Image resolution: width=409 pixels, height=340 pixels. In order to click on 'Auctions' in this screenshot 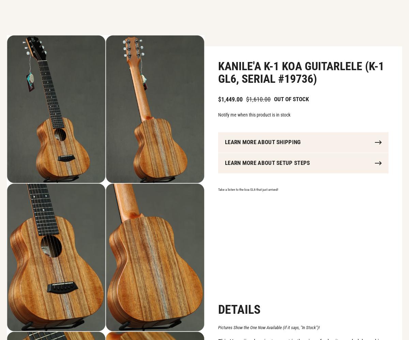, I will do `click(211, 17)`.